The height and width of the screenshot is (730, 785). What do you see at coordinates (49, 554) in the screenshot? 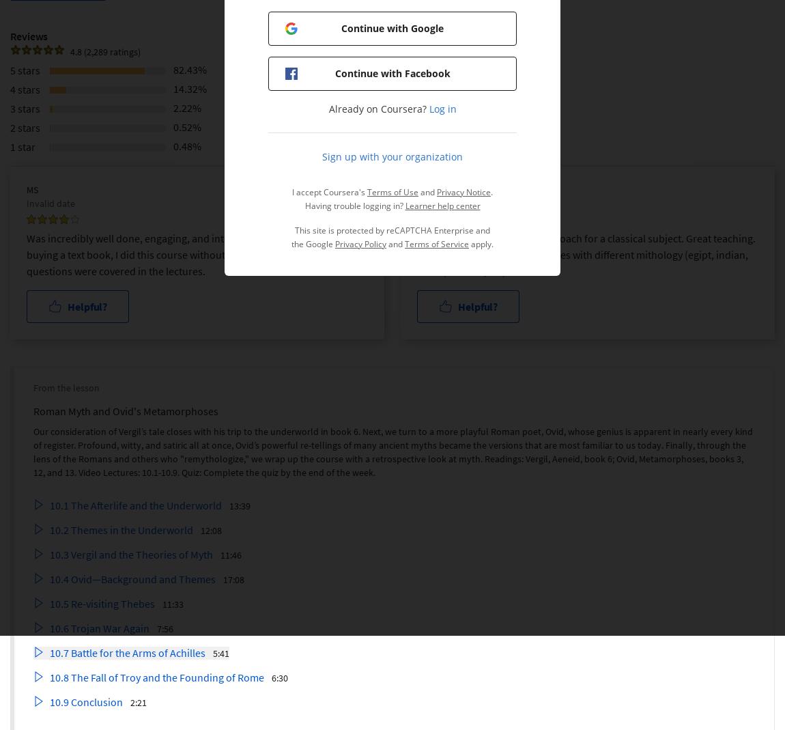
I see `'10.3 Vergil and the Theories of Myth'` at bounding box center [49, 554].